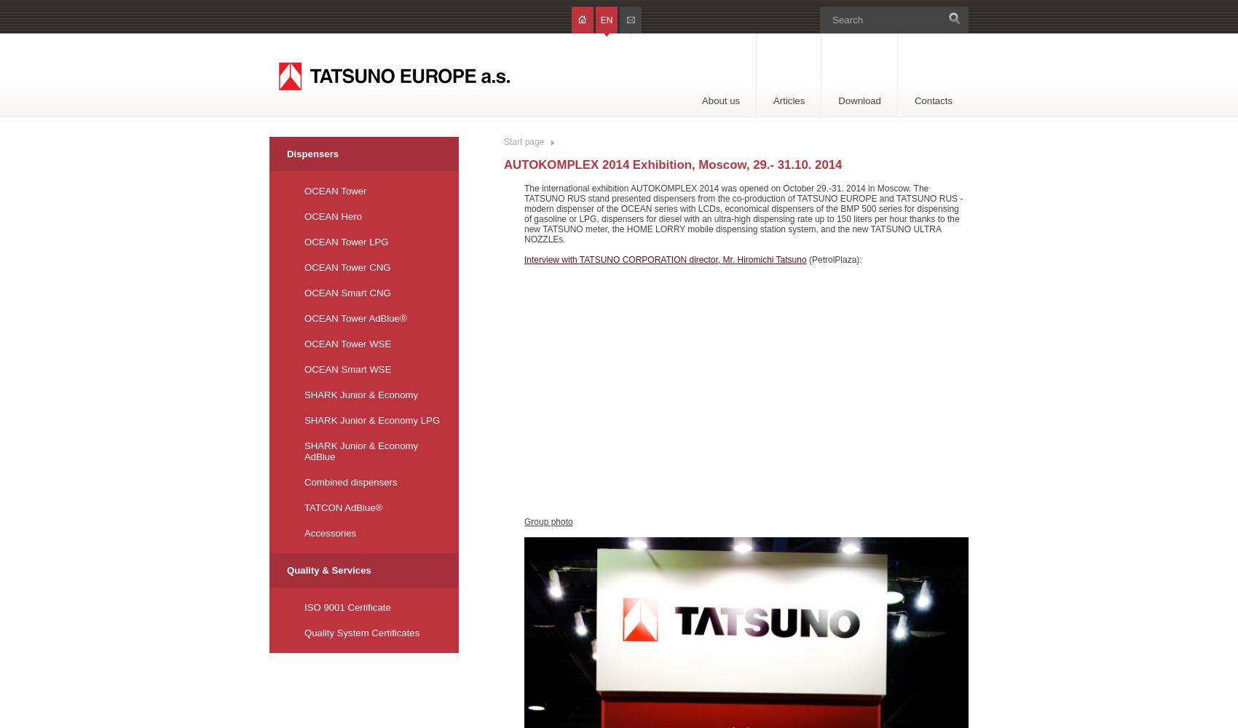 The width and height of the screenshot is (1238, 728). What do you see at coordinates (286, 153) in the screenshot?
I see `'Dispensers'` at bounding box center [286, 153].